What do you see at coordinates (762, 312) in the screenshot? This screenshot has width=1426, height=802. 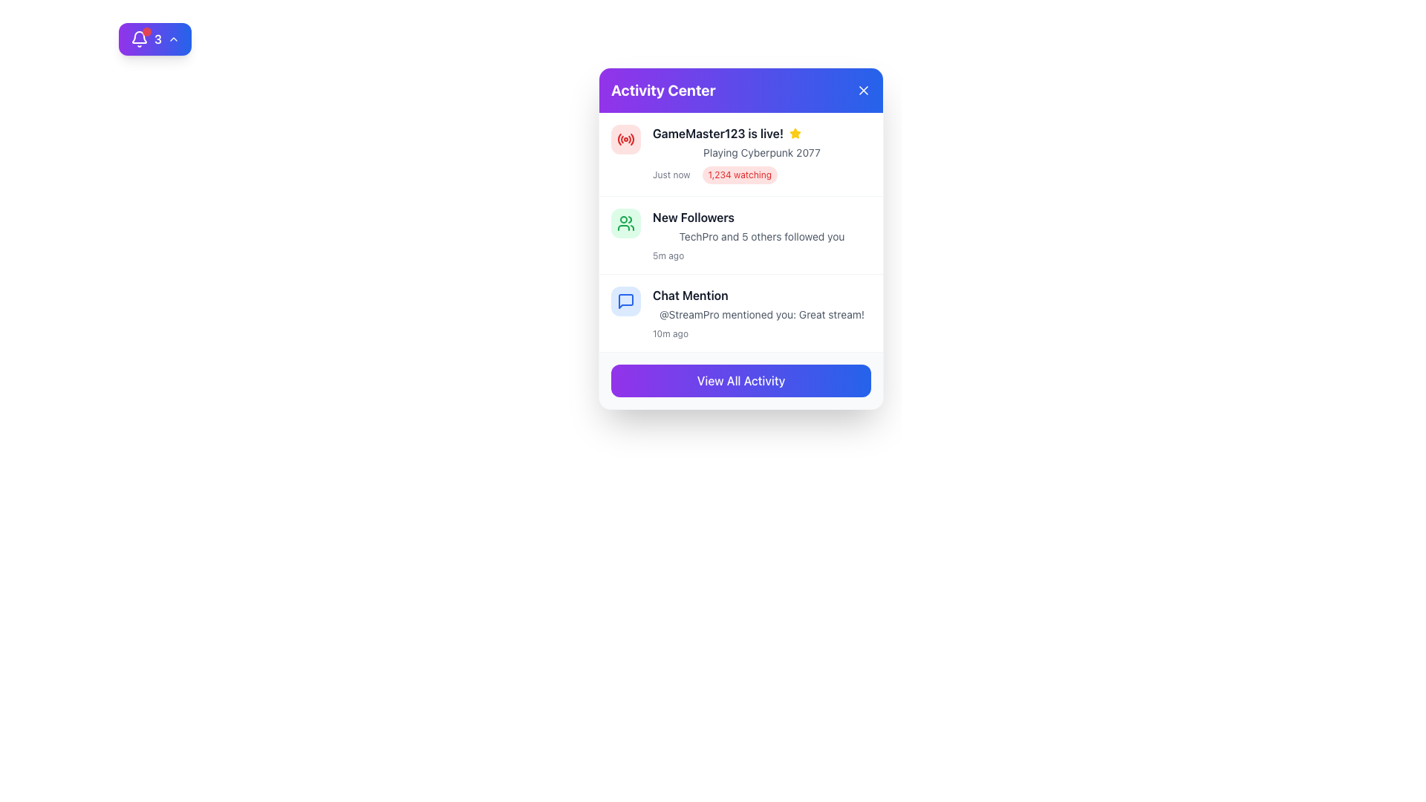 I see `the third notification item in the 'Activity Center' popup` at bounding box center [762, 312].